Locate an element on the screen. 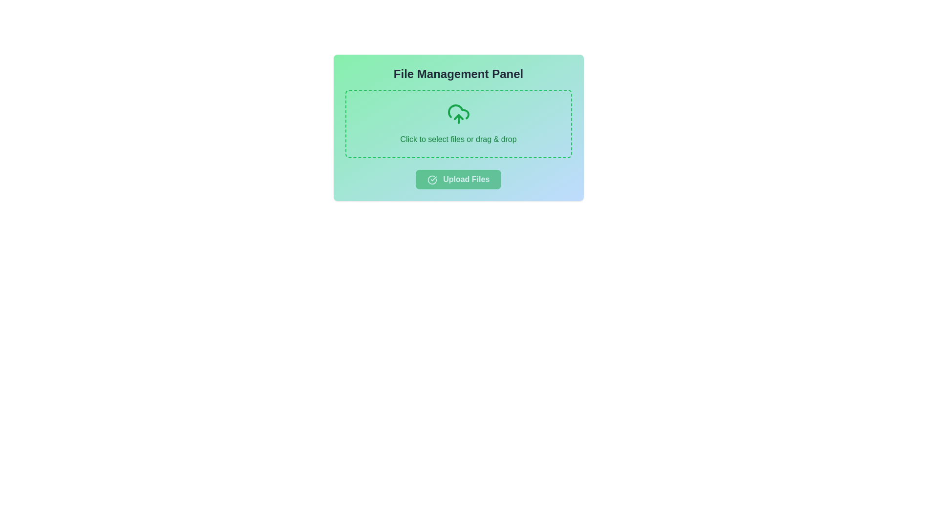 This screenshot has width=938, height=527. the cloud upload icon, which is a green line-drawn cloud with an upward arrow, located above the text 'Click is located at coordinates (458, 114).